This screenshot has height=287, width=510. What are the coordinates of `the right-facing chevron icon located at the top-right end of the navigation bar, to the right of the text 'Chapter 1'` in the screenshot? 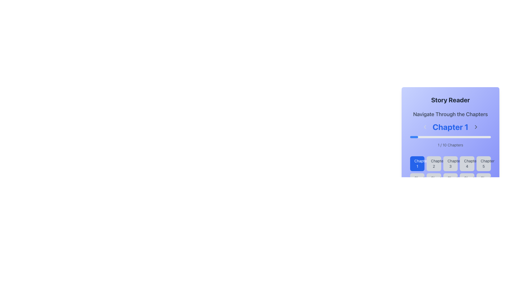 It's located at (476, 127).